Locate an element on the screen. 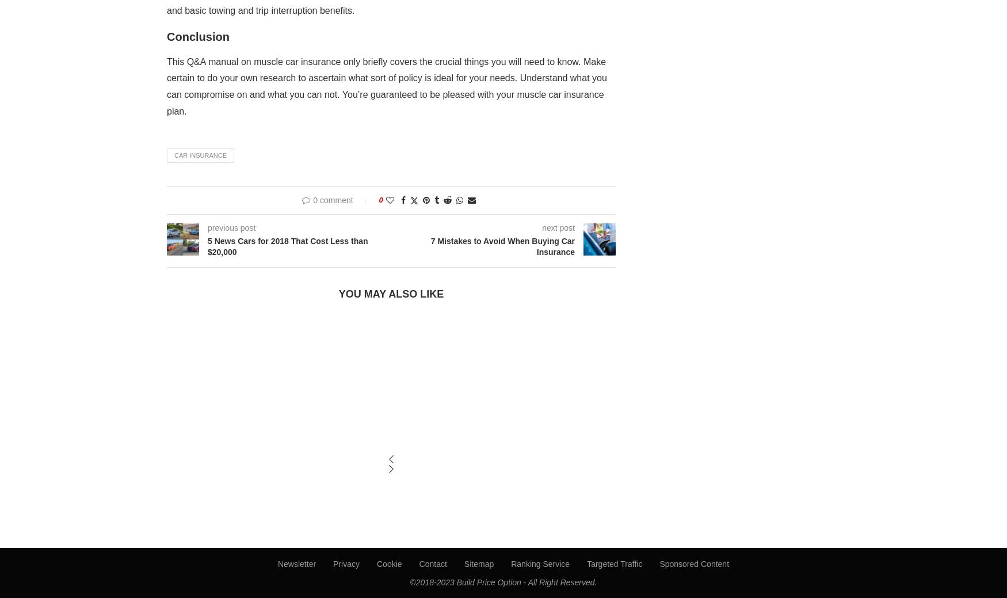 The image size is (1007, 598). 'car insurance' is located at coordinates (200, 154).